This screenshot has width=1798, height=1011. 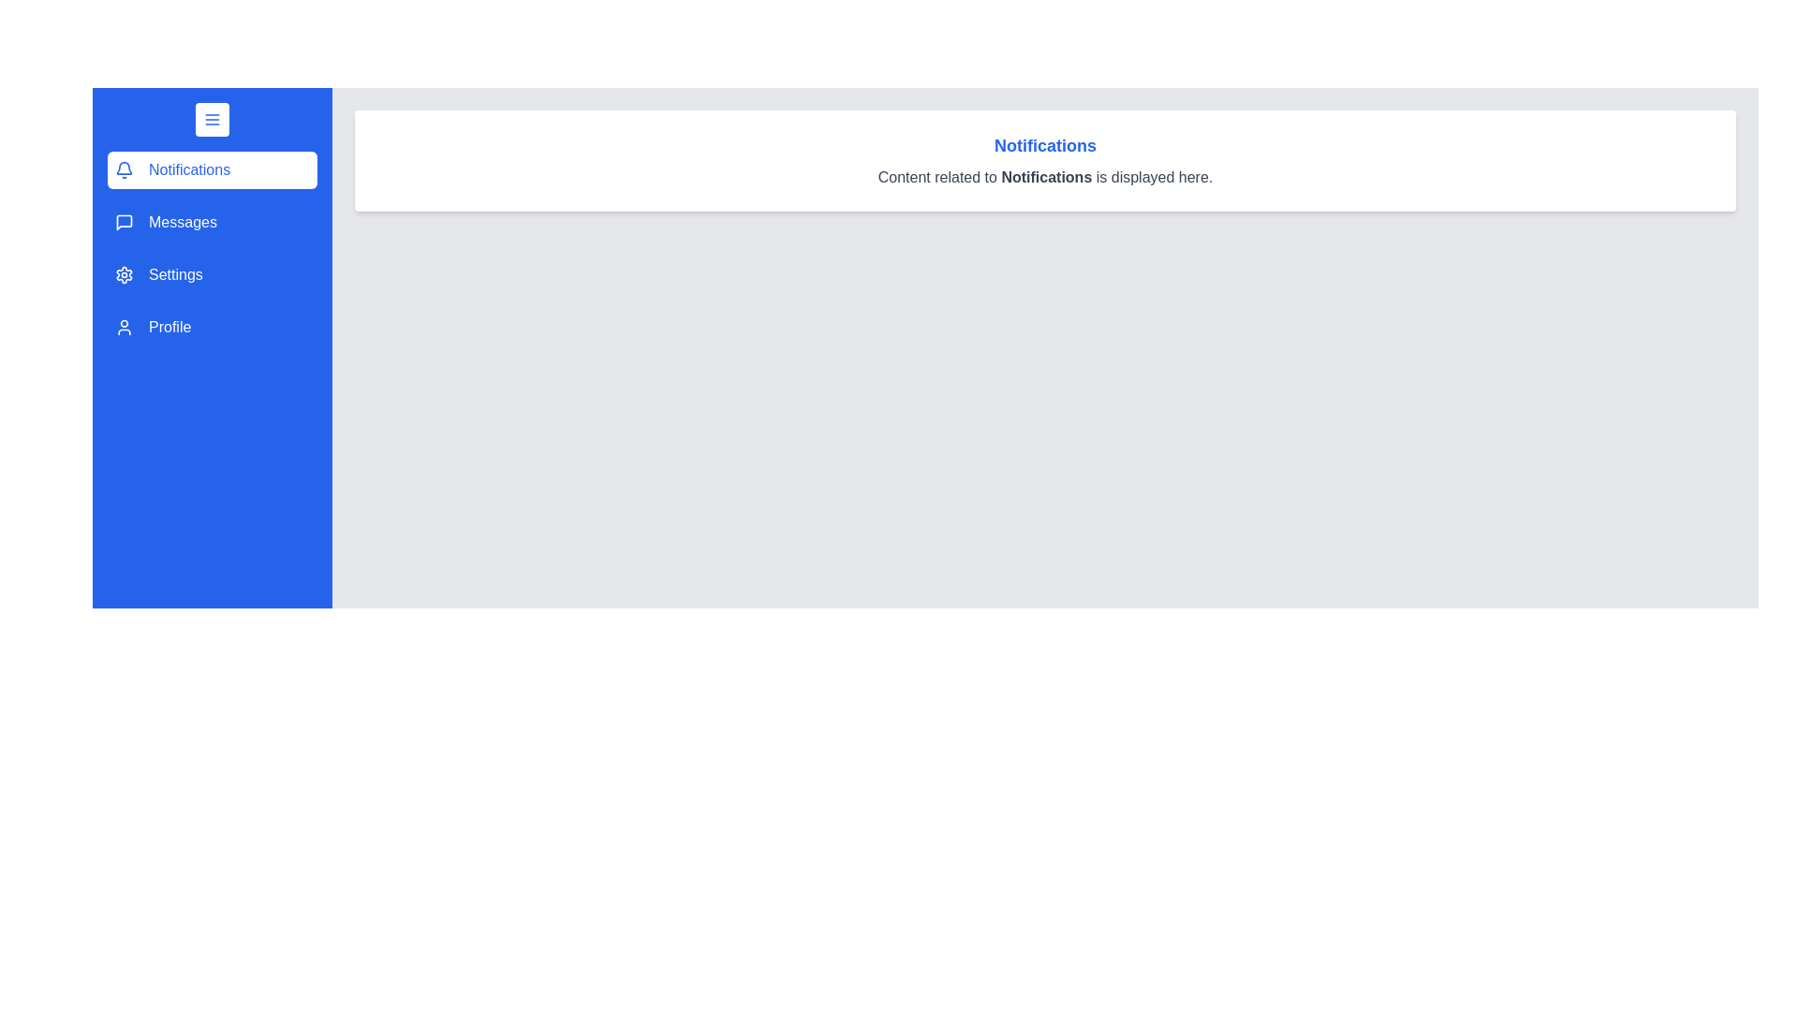 I want to click on toggle button at the top-left corner of the drawer to toggle its open/close state, so click(x=212, y=119).